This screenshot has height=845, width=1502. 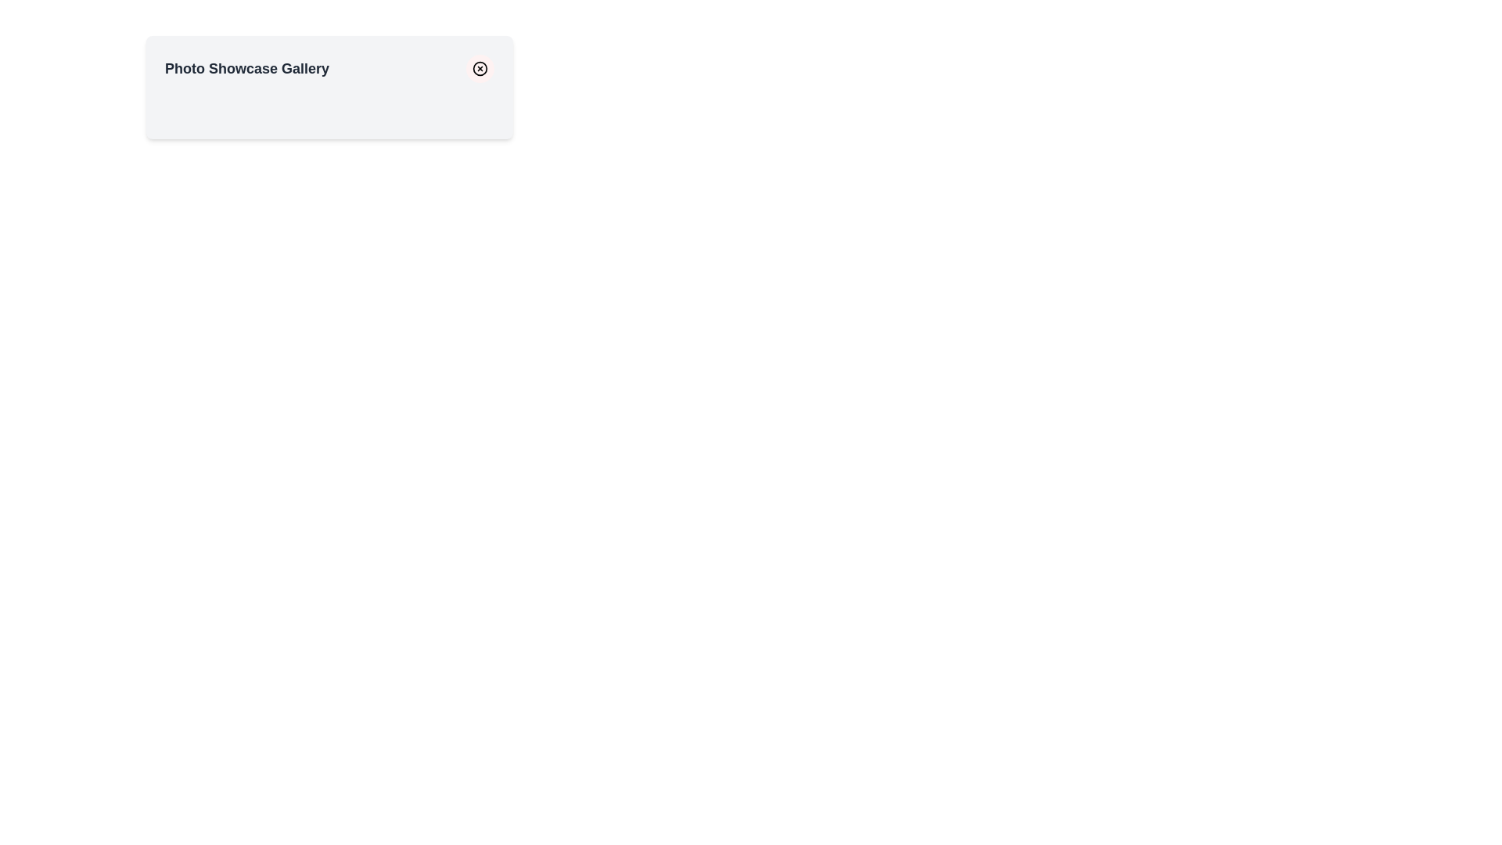 What do you see at coordinates (443, 107) in the screenshot?
I see `the text content of the Text label displaying 'Image 6' in the gallery interface` at bounding box center [443, 107].